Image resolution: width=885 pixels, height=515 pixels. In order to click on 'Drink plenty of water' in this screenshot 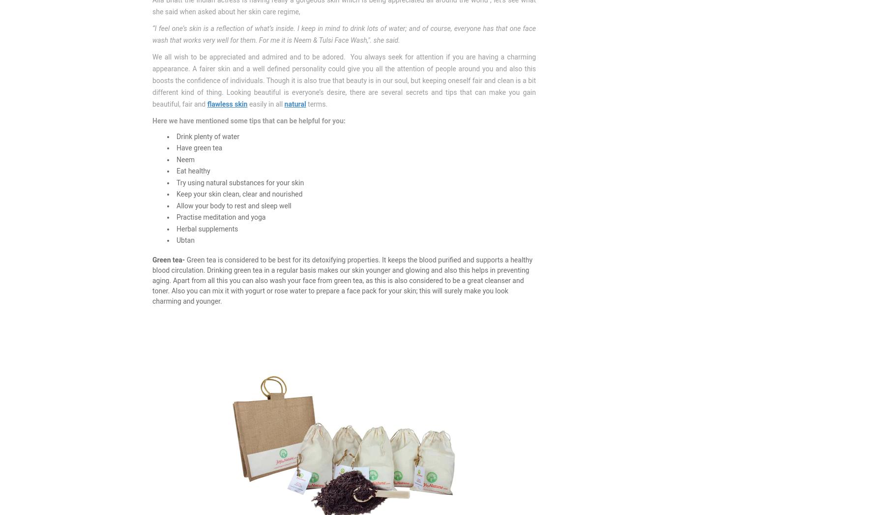, I will do `click(207, 135)`.